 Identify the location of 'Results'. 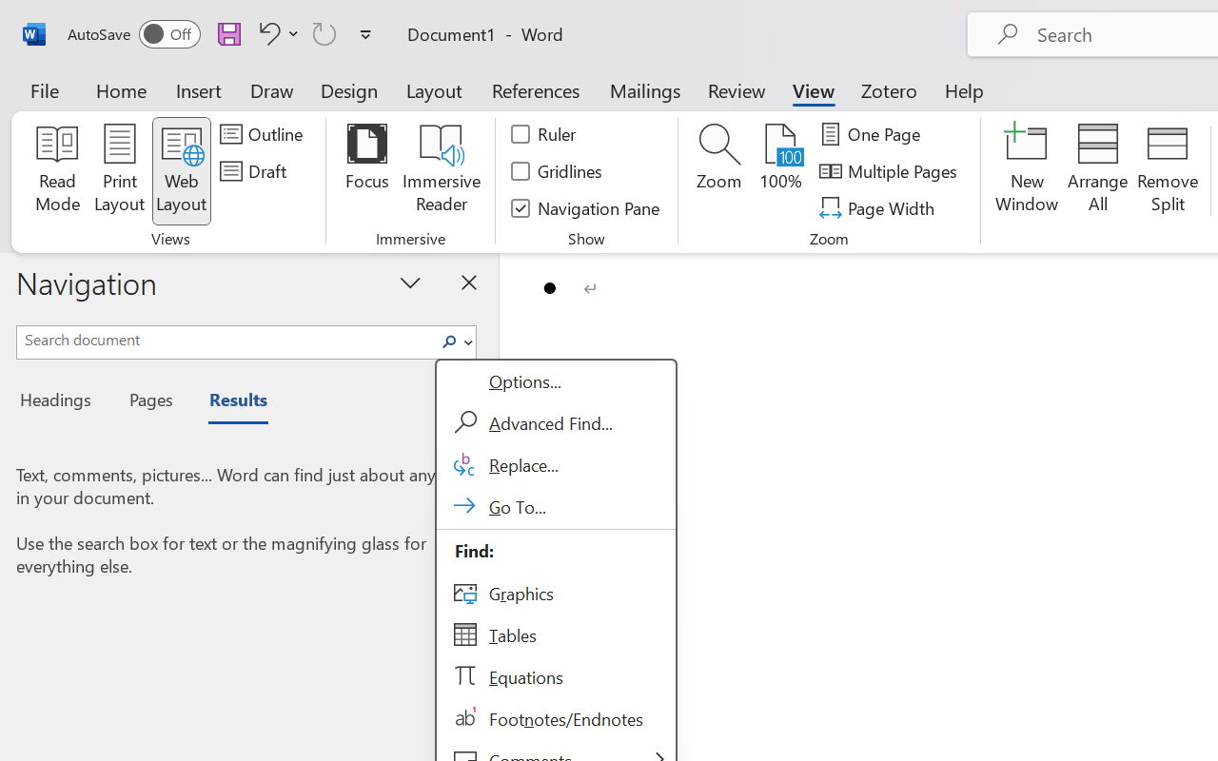
(228, 402).